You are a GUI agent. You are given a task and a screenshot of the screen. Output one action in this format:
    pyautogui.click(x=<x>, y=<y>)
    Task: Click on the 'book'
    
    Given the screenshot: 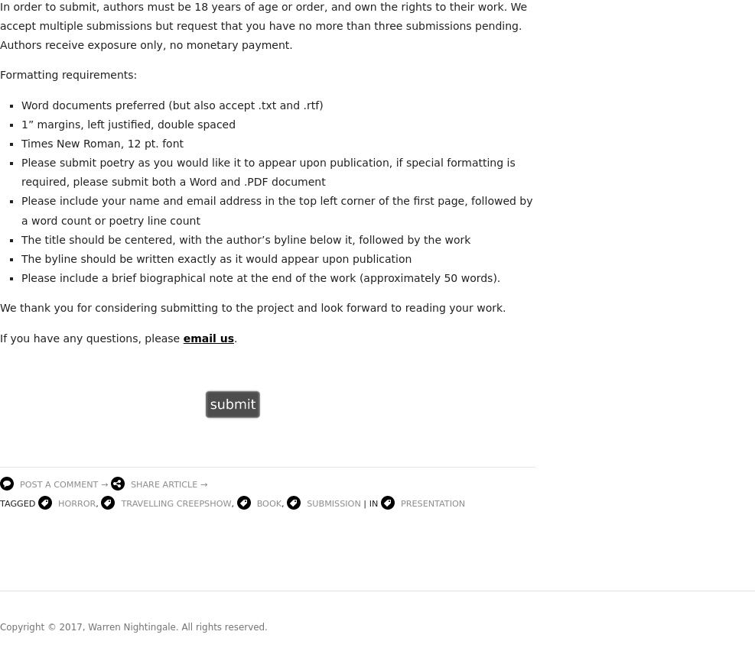 What is the action you would take?
    pyautogui.click(x=268, y=503)
    